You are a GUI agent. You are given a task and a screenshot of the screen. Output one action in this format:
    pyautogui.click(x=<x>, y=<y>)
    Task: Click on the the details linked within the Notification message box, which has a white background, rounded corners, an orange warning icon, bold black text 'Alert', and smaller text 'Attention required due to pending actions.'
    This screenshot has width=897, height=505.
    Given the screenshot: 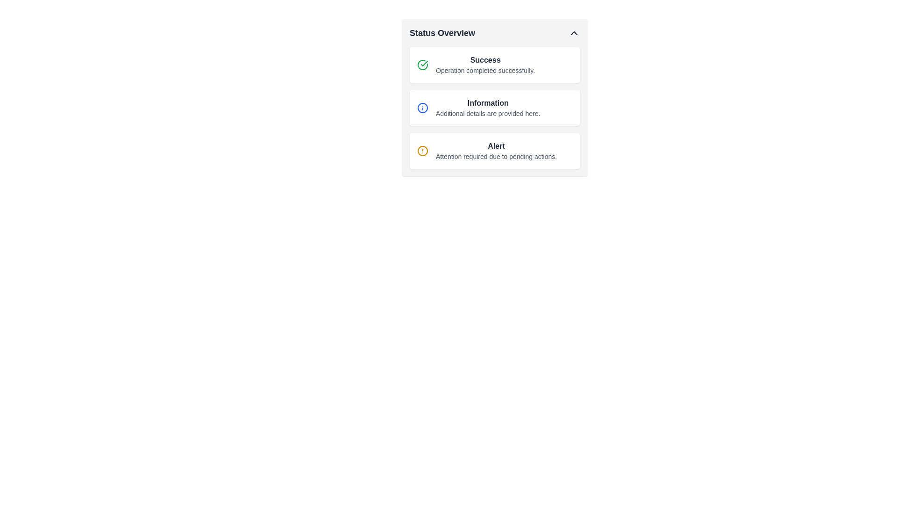 What is the action you would take?
    pyautogui.click(x=494, y=151)
    